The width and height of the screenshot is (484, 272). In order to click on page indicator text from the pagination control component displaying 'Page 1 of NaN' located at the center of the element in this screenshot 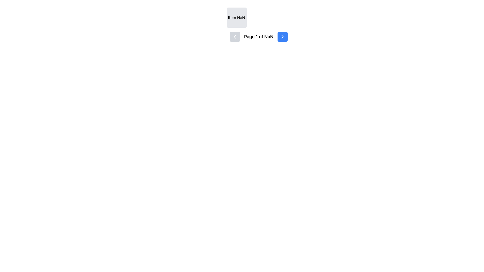, I will do `click(259, 37)`.